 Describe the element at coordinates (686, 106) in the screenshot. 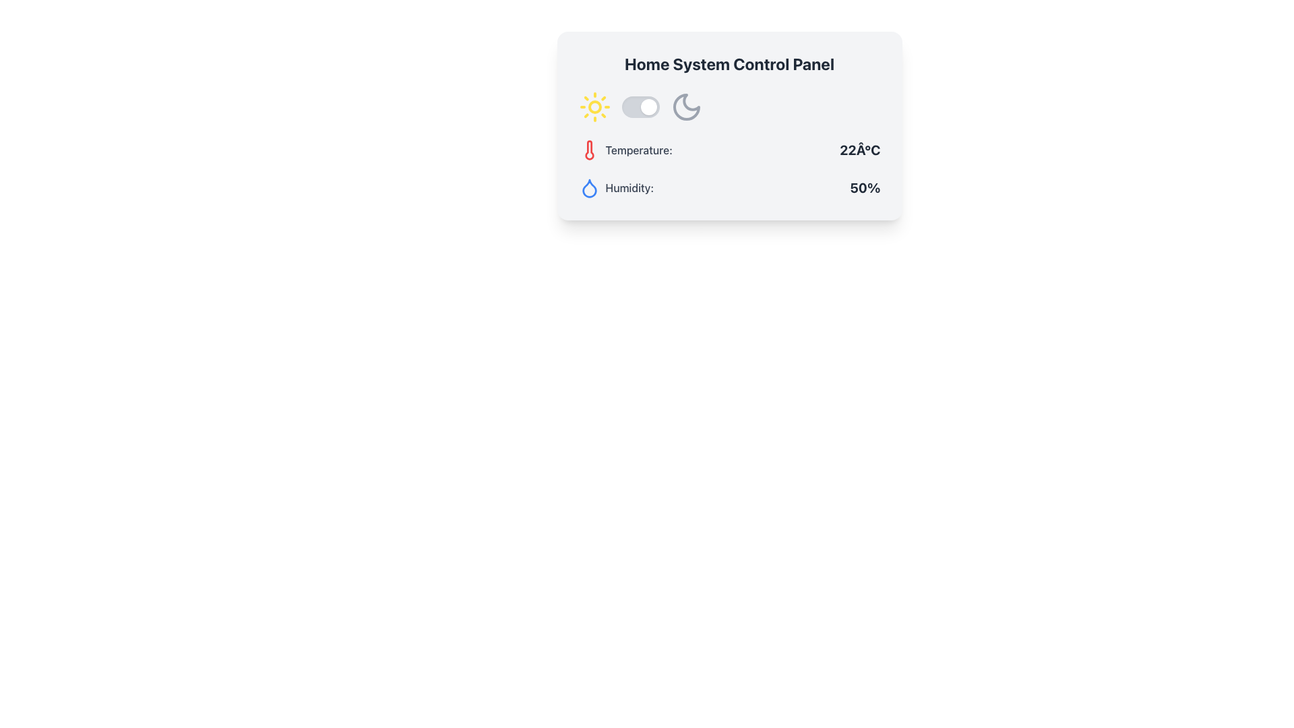

I see `the moon icon in the Home System Control Panel, which represents the night mode toggle` at that location.